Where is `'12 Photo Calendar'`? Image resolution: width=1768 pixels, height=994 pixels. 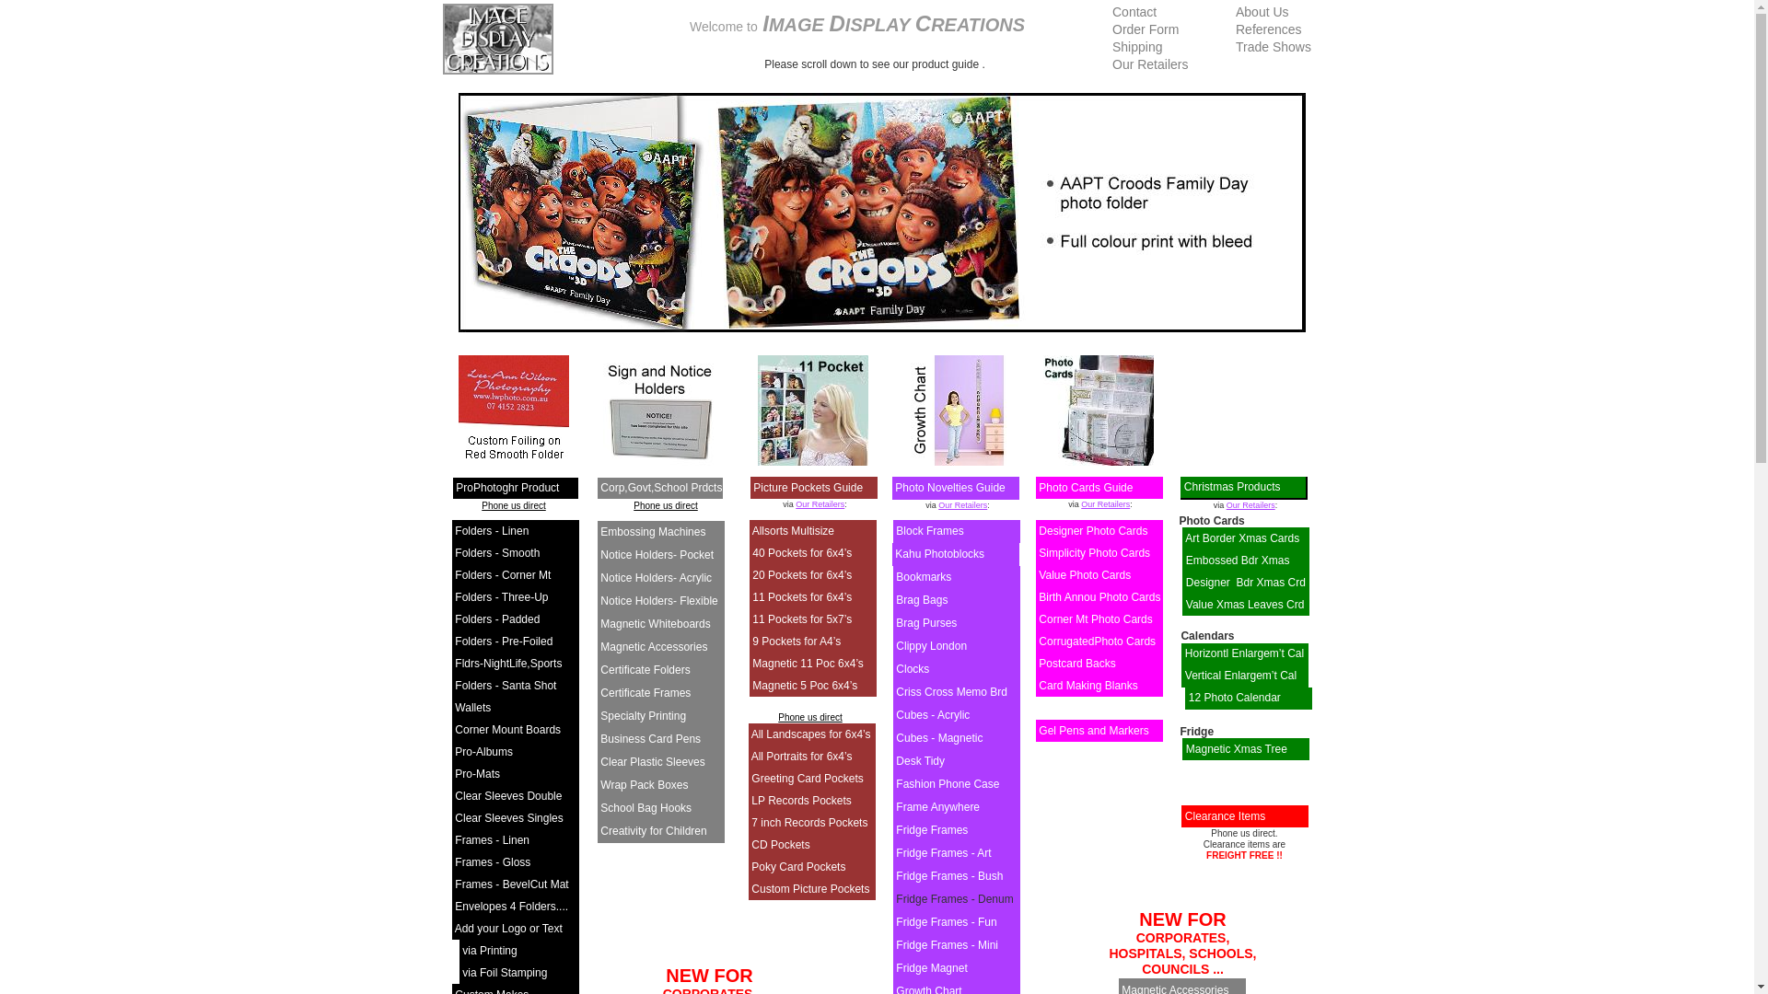
'12 Photo Calendar' is located at coordinates (1234, 698).